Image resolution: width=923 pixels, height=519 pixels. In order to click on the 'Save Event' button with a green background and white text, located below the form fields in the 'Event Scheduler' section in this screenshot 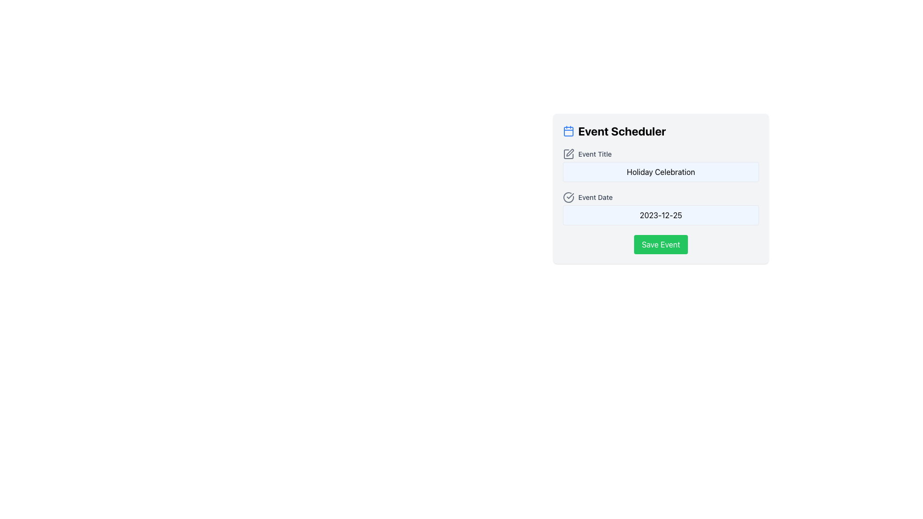, I will do `click(660, 244)`.